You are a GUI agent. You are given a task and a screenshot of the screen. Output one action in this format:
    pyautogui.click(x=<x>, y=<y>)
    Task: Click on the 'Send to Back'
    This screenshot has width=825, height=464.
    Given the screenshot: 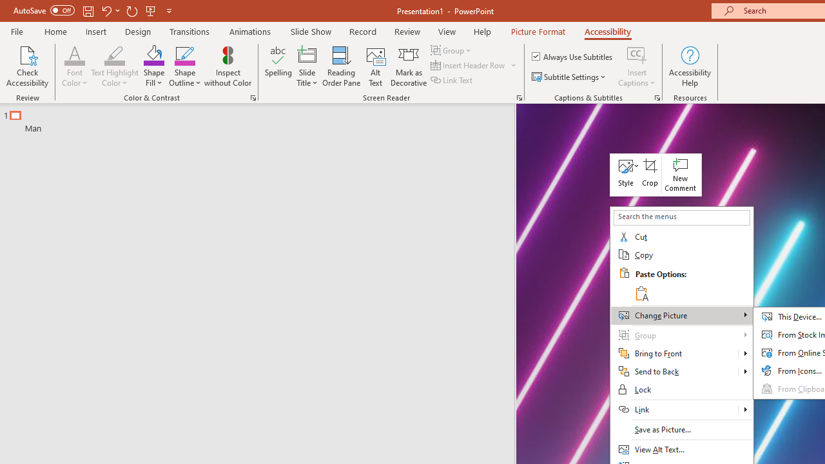 What is the action you would take?
    pyautogui.click(x=674, y=372)
    